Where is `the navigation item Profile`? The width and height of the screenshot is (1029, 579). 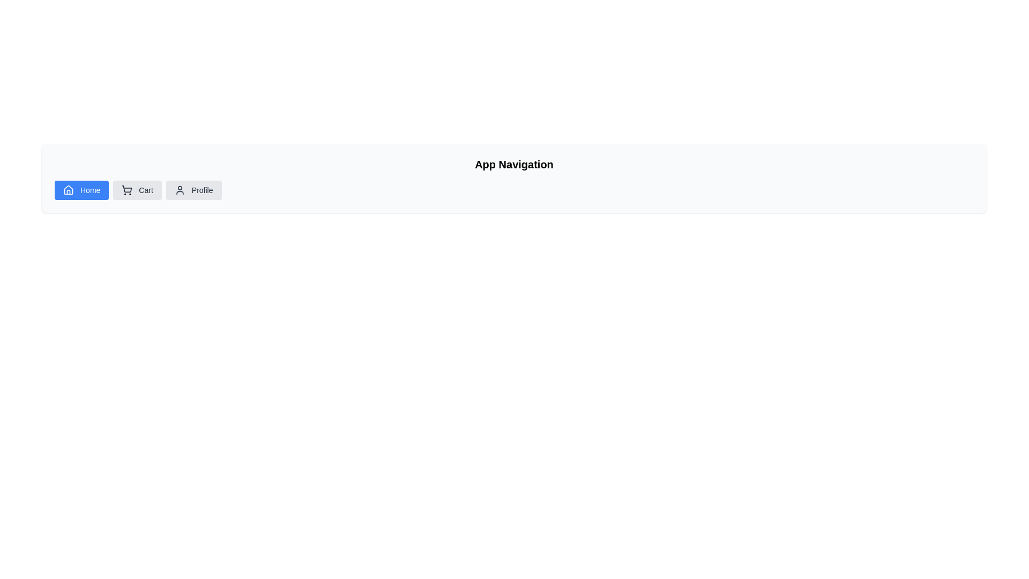
the navigation item Profile is located at coordinates (193, 189).